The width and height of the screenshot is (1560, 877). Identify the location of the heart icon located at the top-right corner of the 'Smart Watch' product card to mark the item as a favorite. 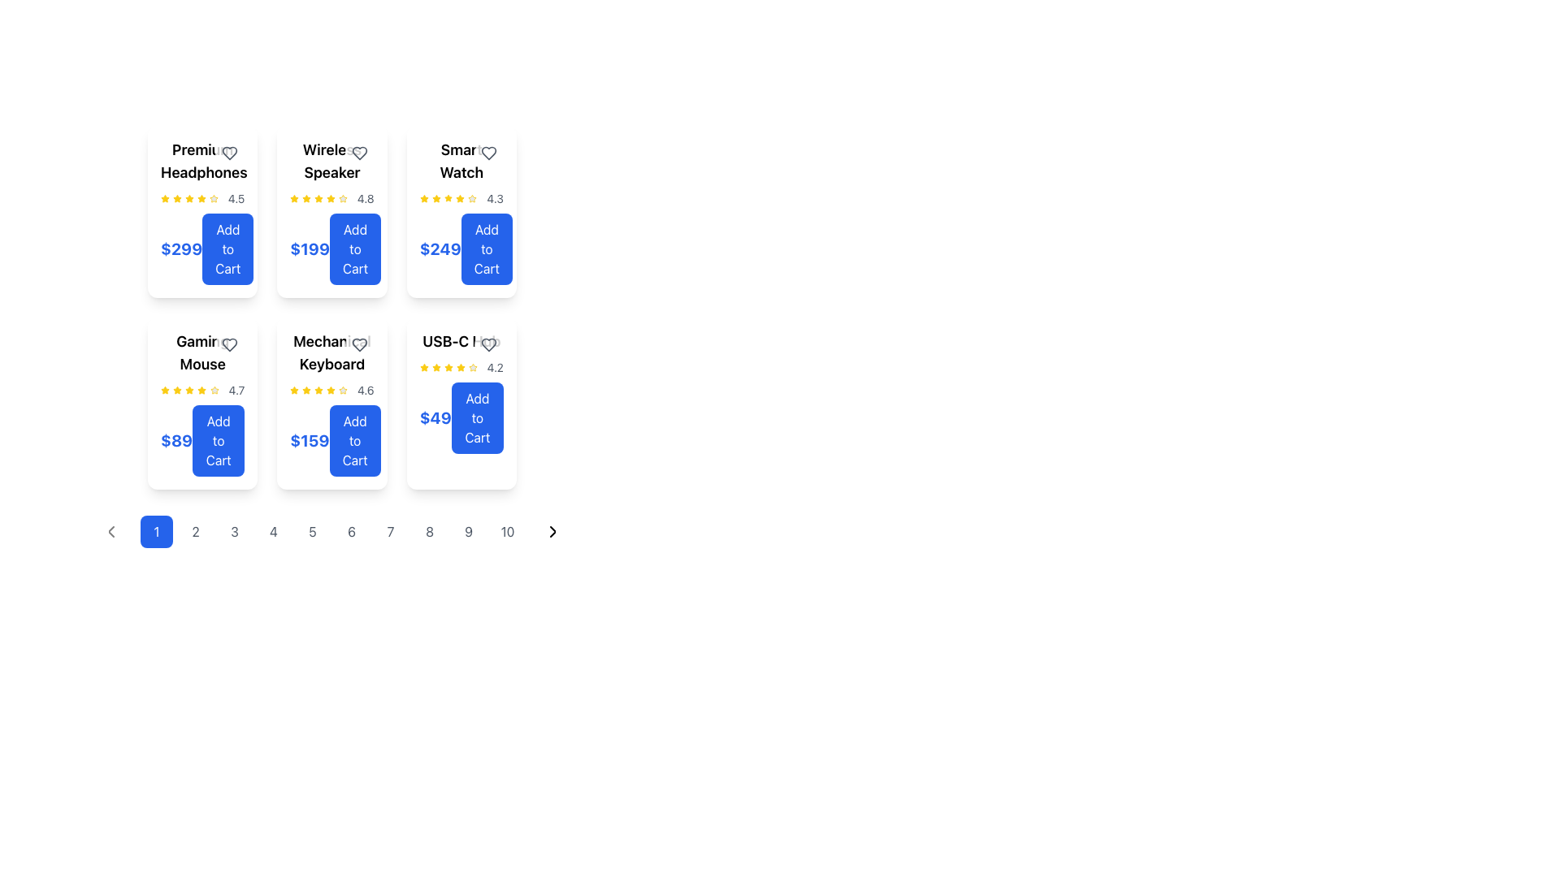
(487, 153).